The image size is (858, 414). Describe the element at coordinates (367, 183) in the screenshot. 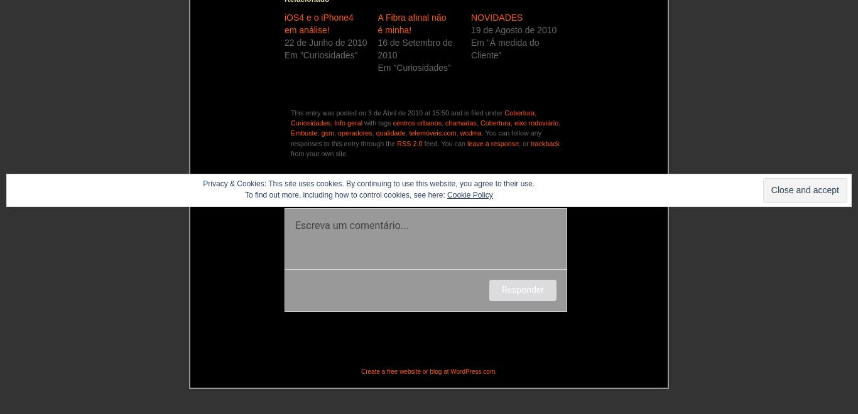

I see `'Privacy & Cookies: This site uses cookies. By continuing to use this website, you agree to their use.'` at that location.